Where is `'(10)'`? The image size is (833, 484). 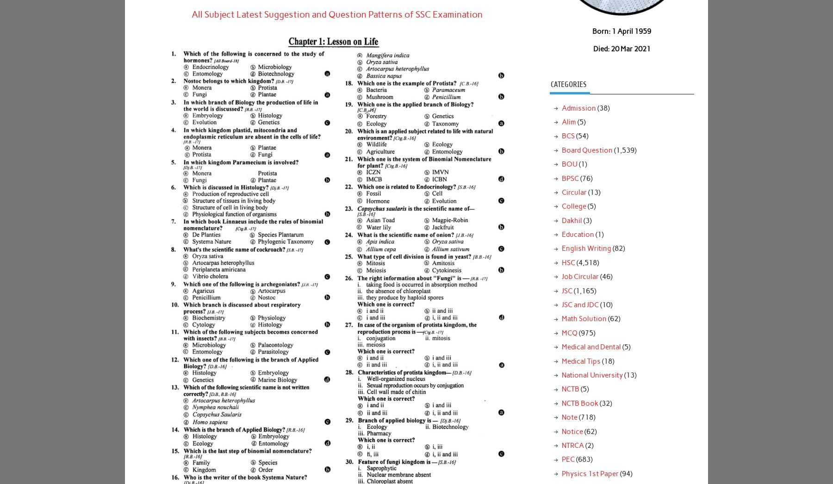
'(10)' is located at coordinates (605, 304).